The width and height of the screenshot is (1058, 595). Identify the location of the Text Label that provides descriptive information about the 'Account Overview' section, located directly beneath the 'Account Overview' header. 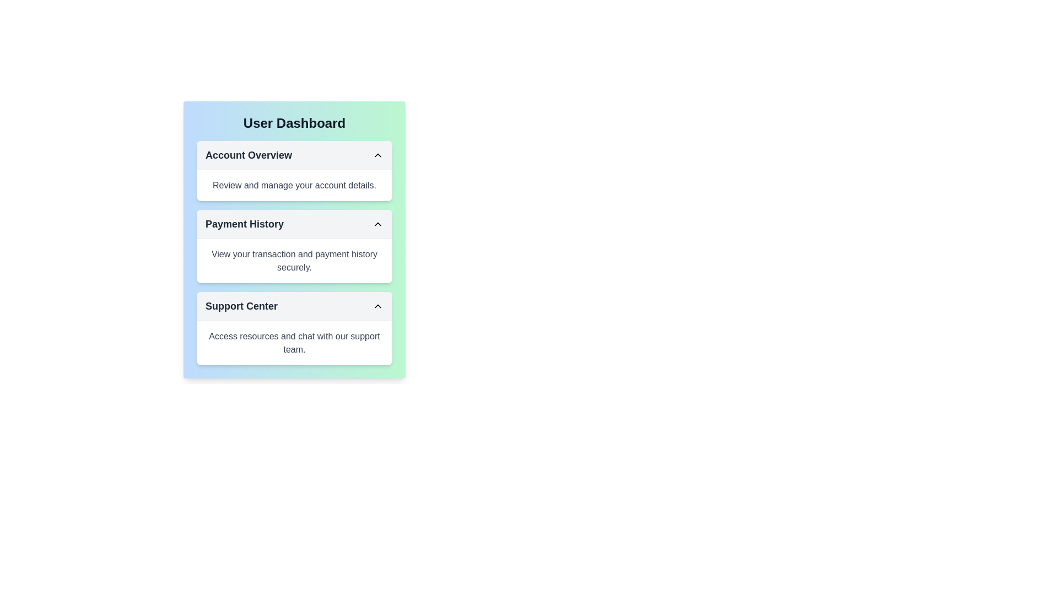
(294, 185).